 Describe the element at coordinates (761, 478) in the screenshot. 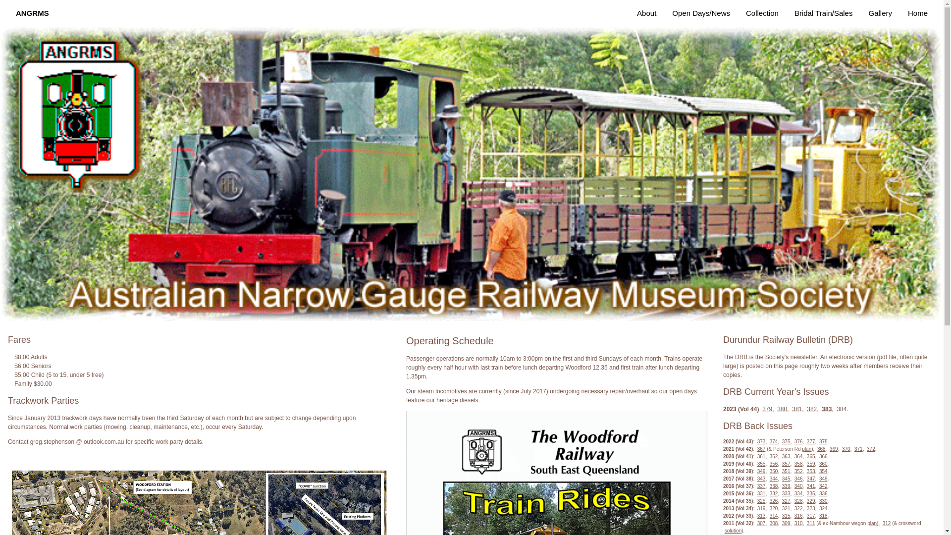

I see `'343'` at that location.